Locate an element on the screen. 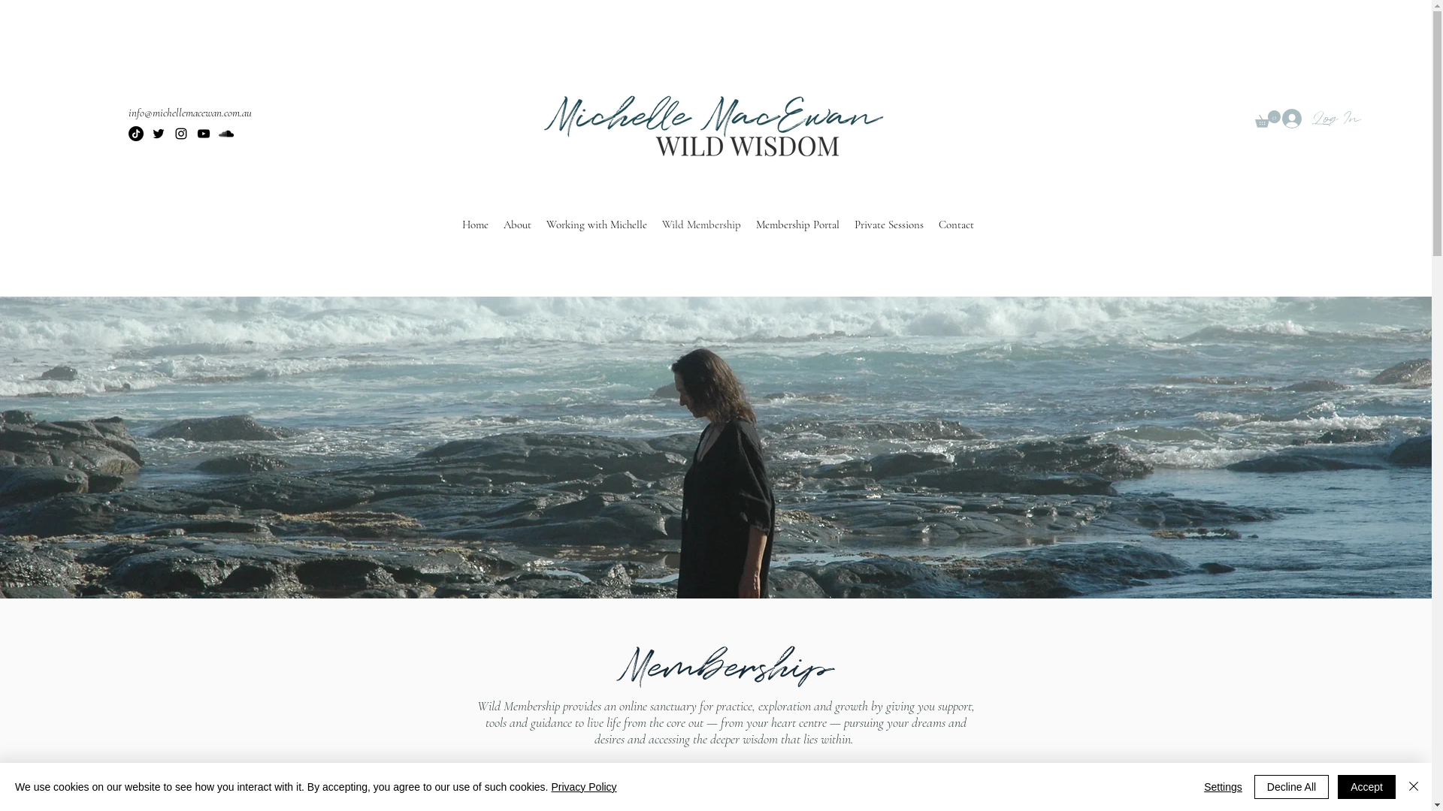 This screenshot has height=811, width=1443. 'About' is located at coordinates (517, 225).